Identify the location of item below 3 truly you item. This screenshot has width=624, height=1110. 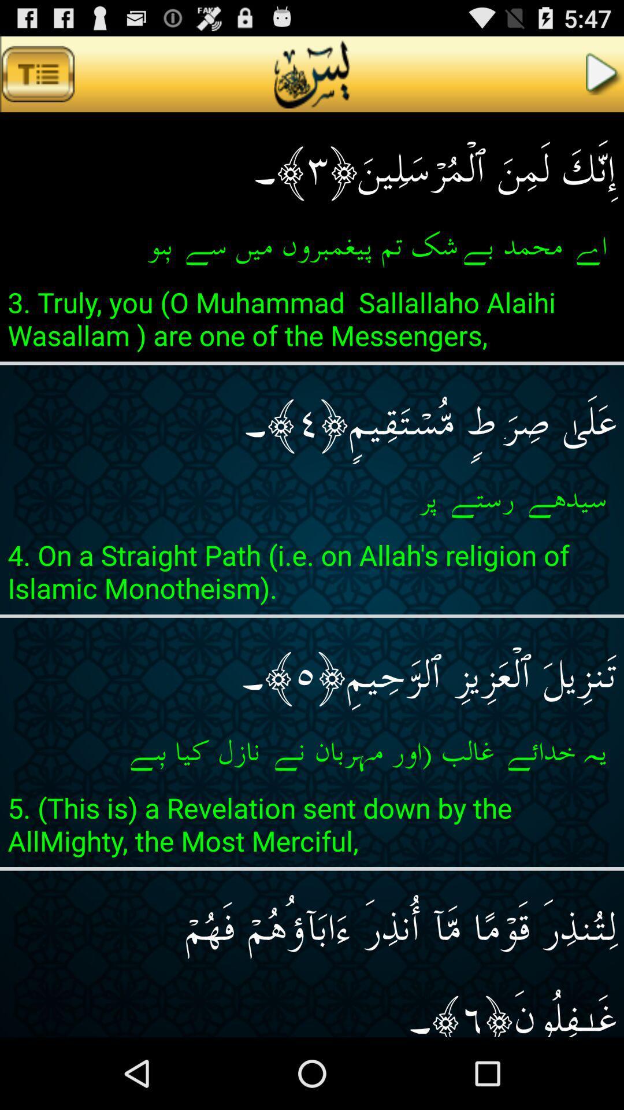
(312, 414).